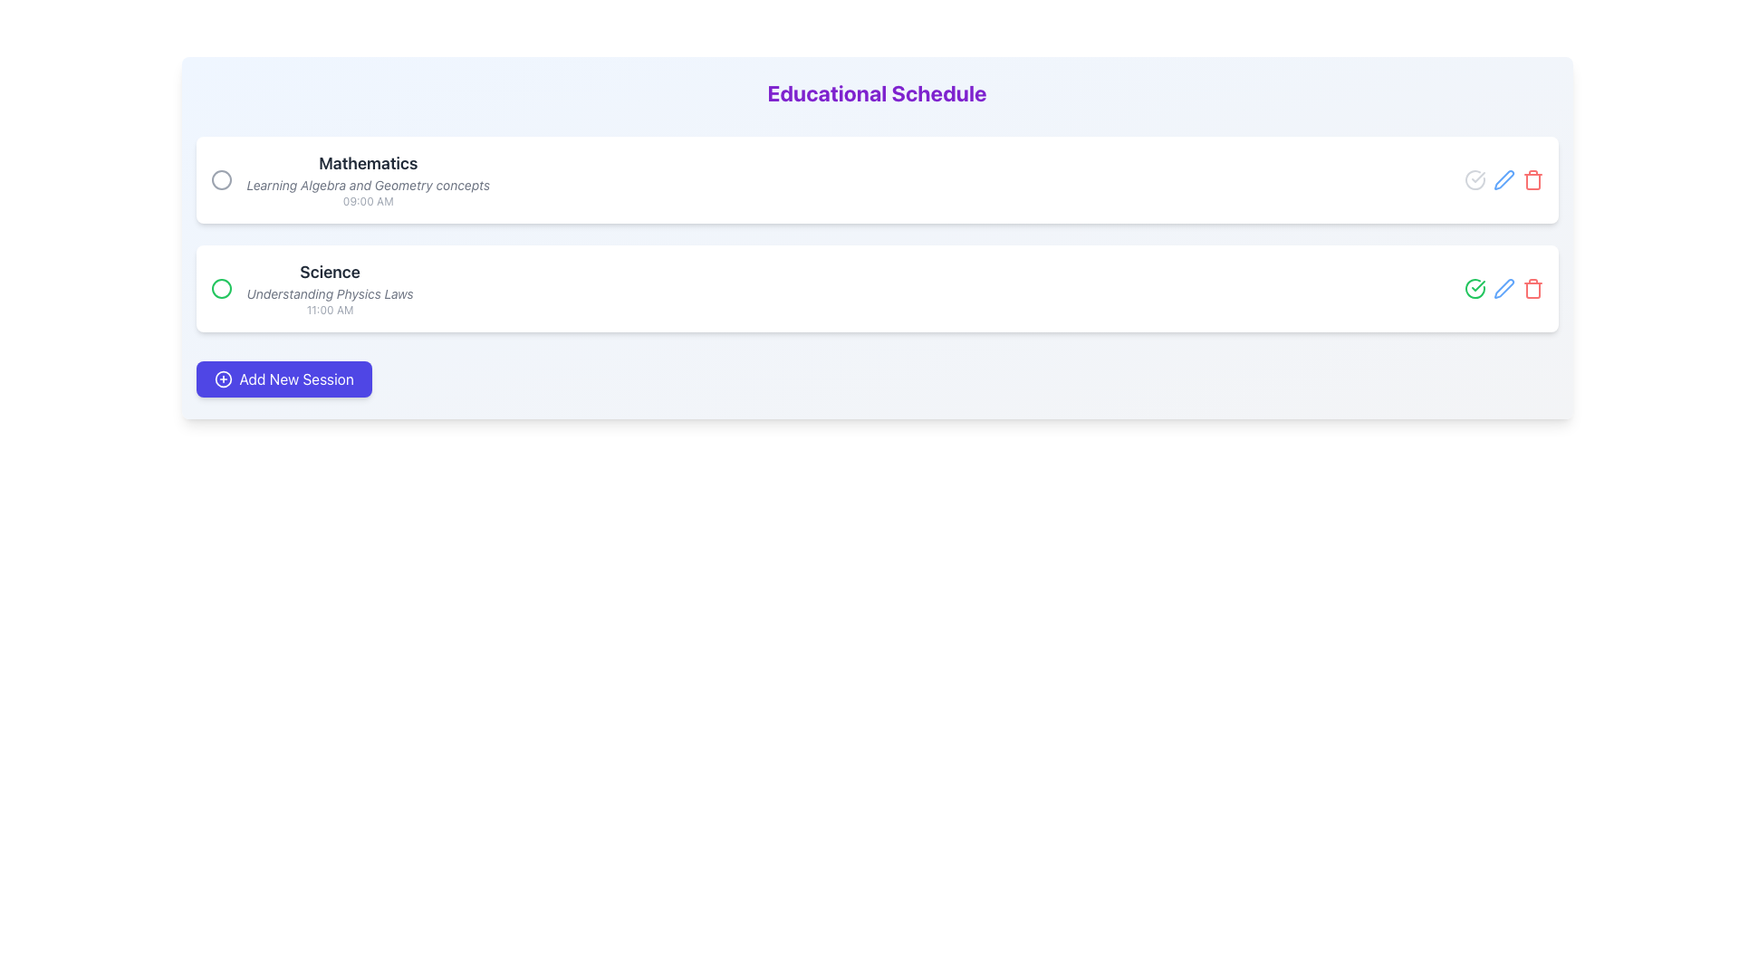 Image resolution: width=1739 pixels, height=978 pixels. I want to click on the text block containing 'Science', 'Understanding Physics Laws', and the timestamp '11:00 AM', located in the center of the second row of sessions, so click(330, 288).